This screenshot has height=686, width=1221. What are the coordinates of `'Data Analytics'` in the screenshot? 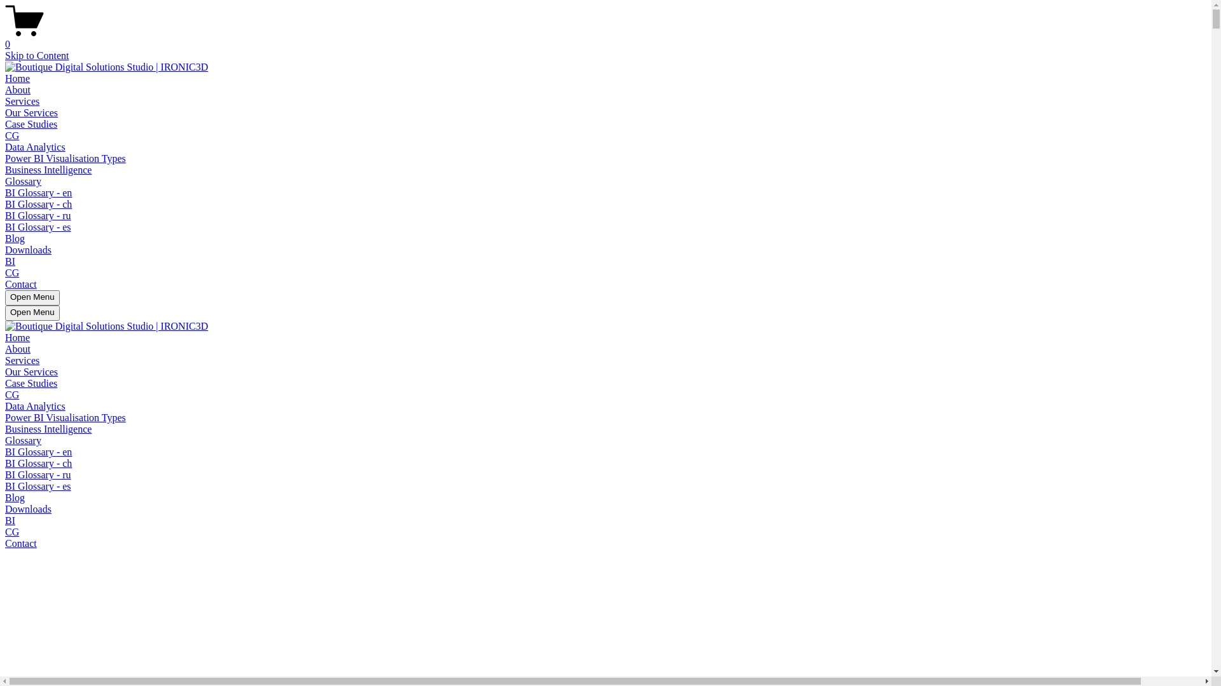 It's located at (35, 406).